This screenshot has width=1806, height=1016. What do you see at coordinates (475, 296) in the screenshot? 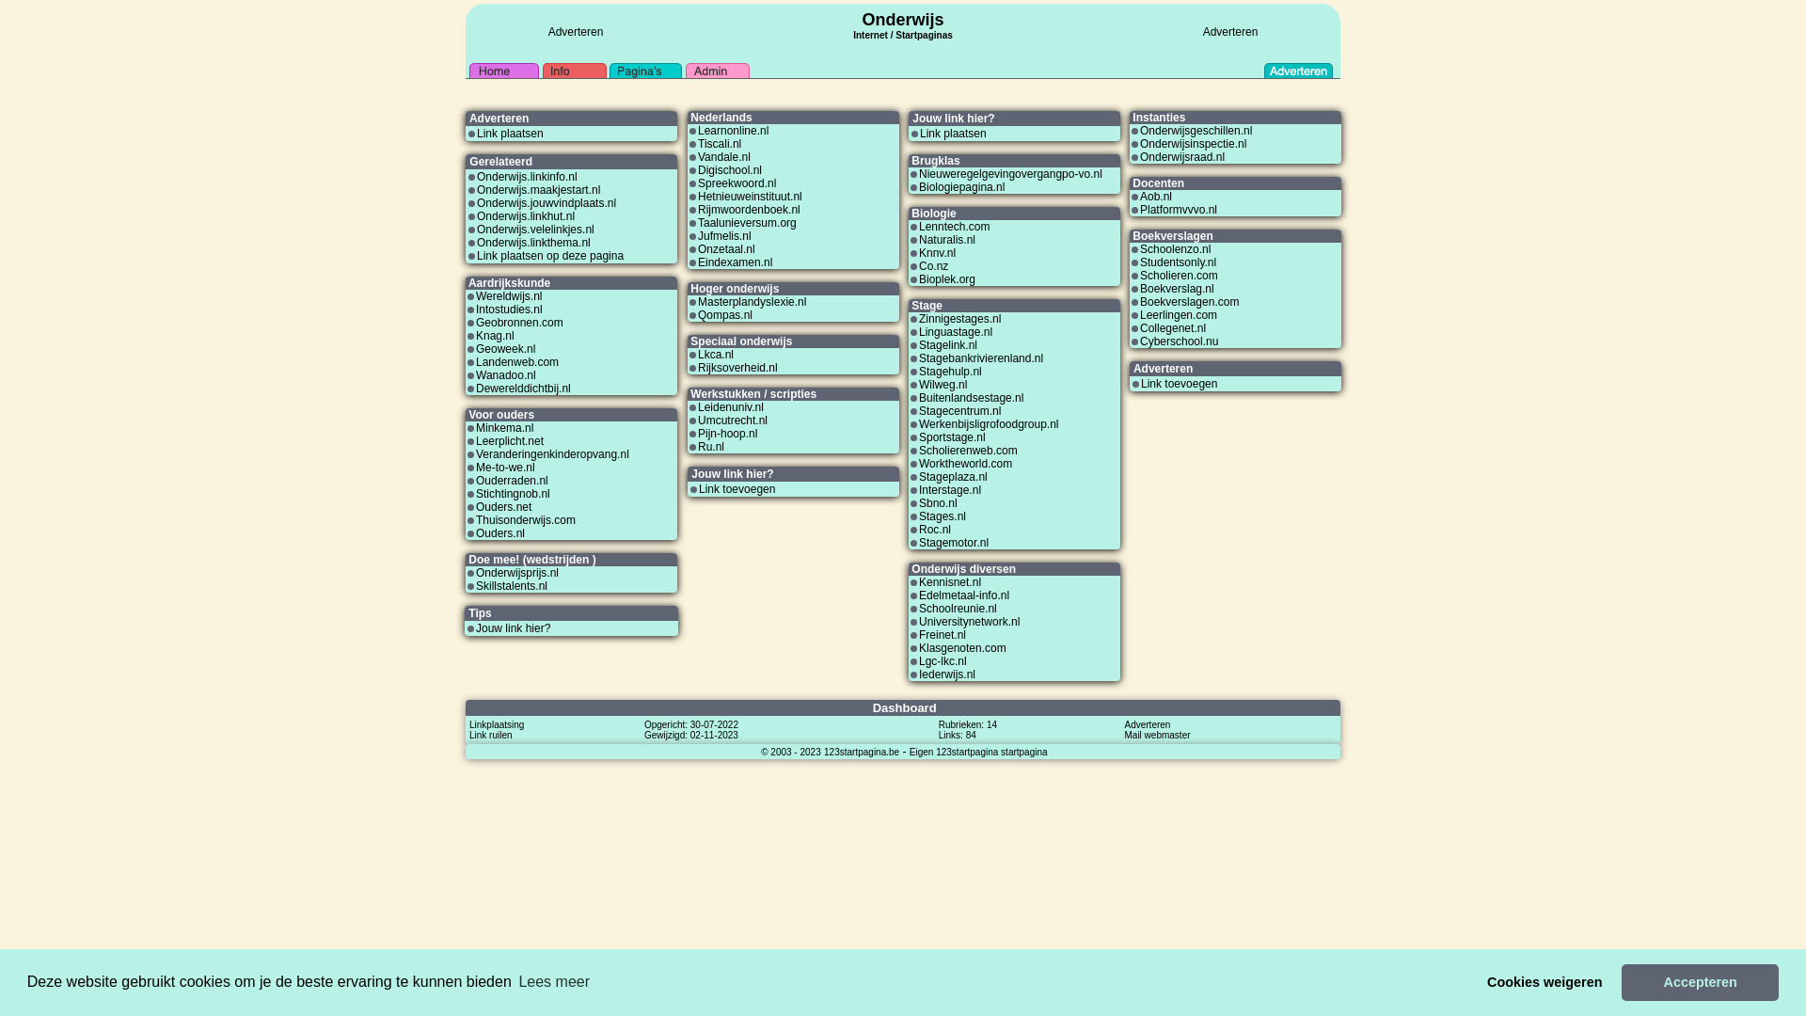
I see `'Wereldwijs.nl'` at bounding box center [475, 296].